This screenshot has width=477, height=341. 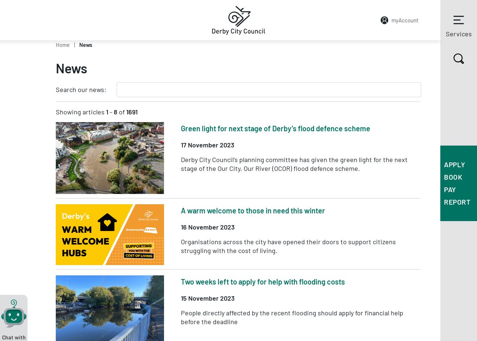 I want to click on 'People directly affected by the recent flooding should apply for financial help before the deadline', so click(x=291, y=316).